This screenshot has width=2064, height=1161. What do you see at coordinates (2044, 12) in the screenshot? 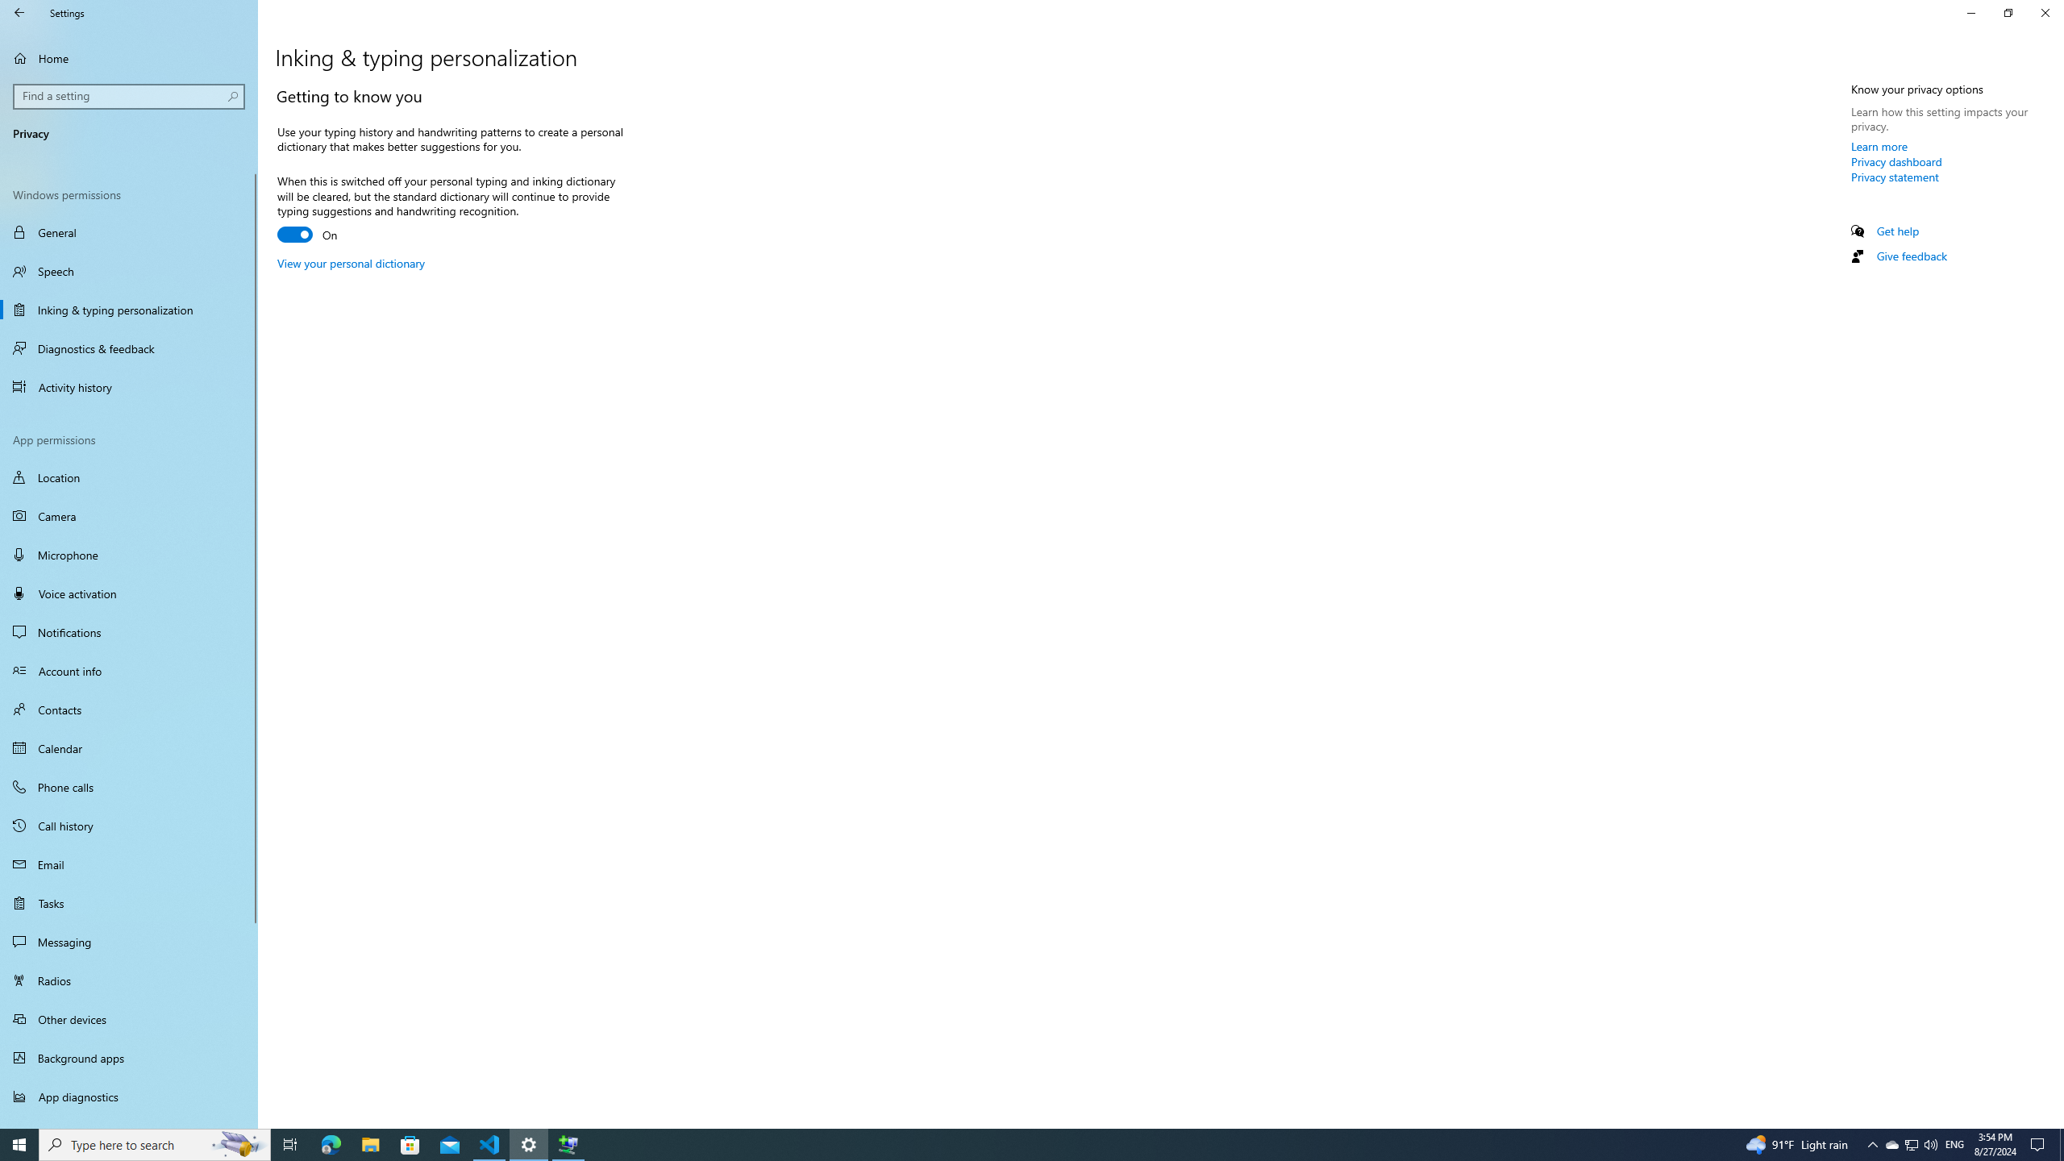
I see `'Close Settings'` at bounding box center [2044, 12].